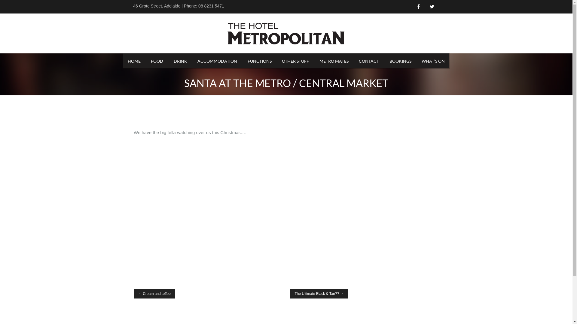 The height and width of the screenshot is (324, 577). I want to click on 'FOOD', so click(157, 61).